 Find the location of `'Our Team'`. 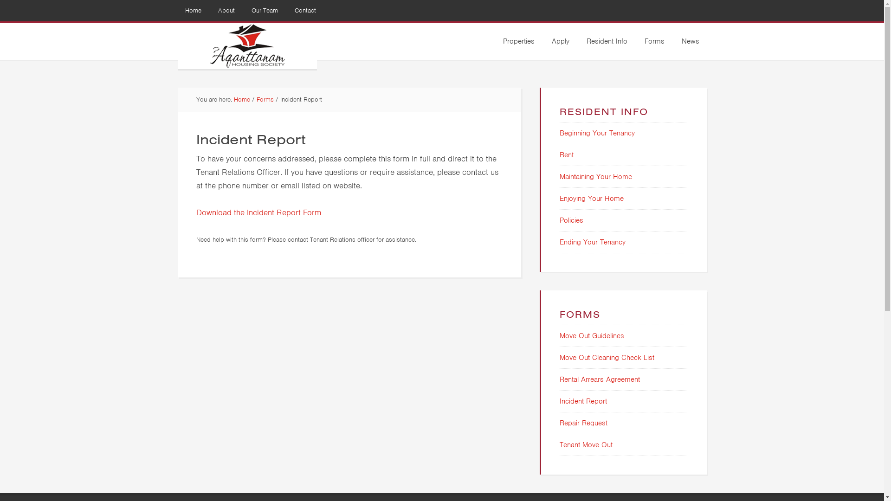

'Our Team' is located at coordinates (264, 11).